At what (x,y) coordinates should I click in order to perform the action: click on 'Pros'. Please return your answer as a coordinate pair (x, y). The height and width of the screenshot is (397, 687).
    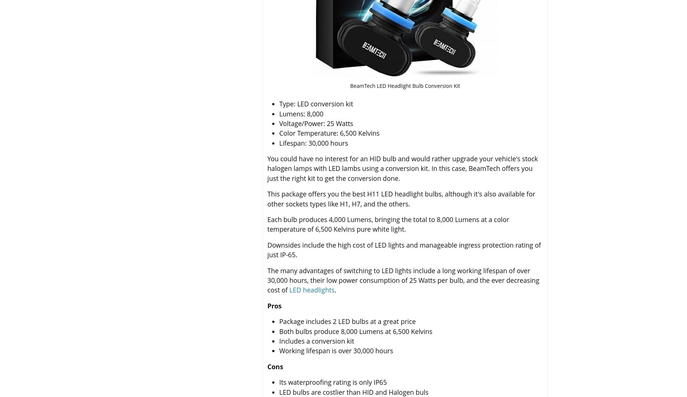
    Looking at the image, I should click on (274, 305).